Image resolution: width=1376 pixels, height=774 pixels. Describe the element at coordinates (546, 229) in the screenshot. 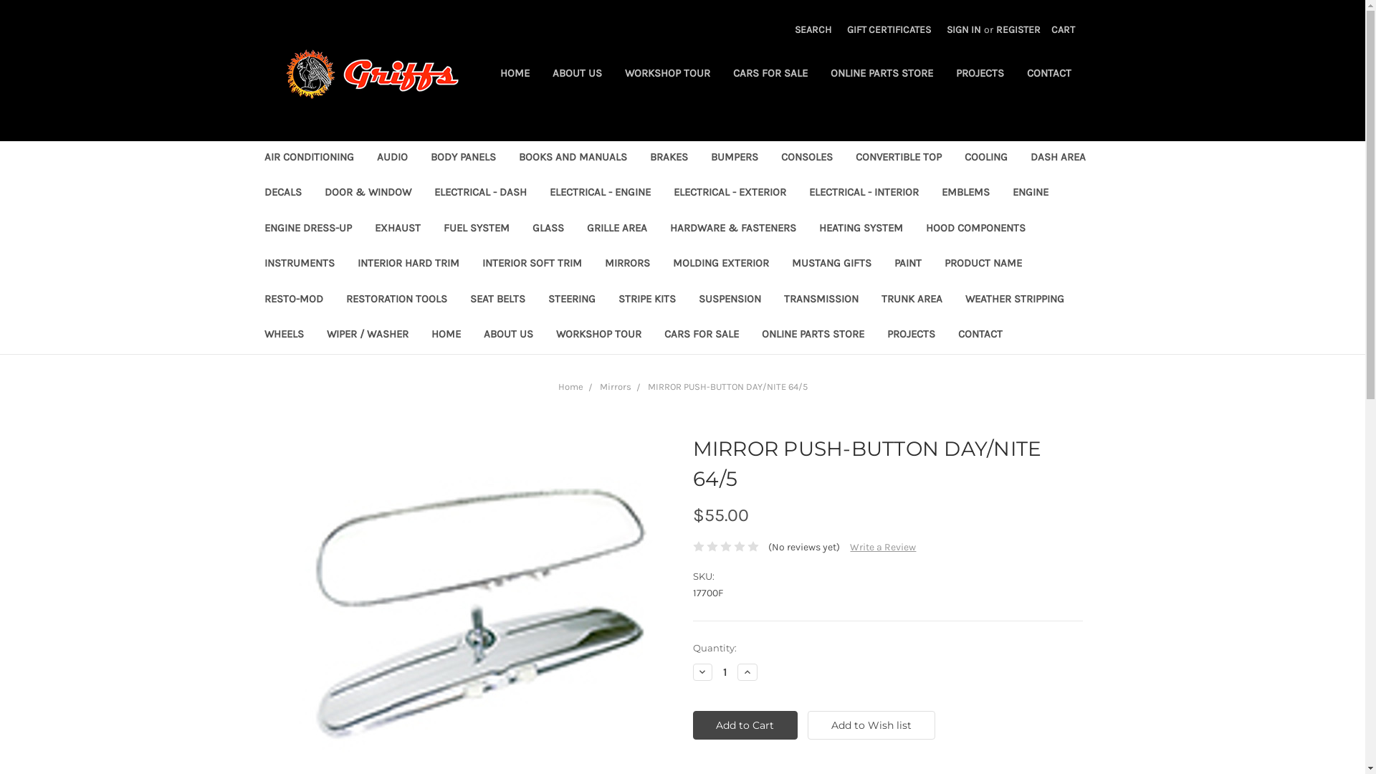

I see `'GLASS'` at that location.